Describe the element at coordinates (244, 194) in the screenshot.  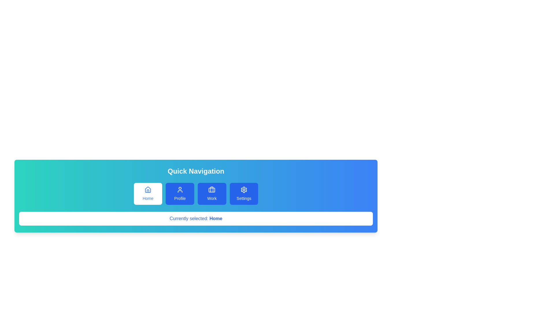
I see `the Settings tab` at that location.